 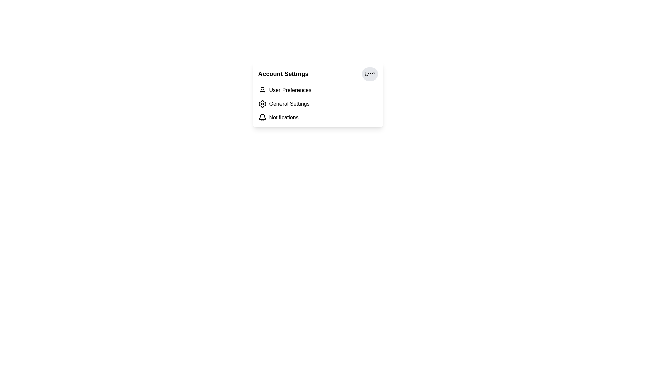 What do you see at coordinates (262, 104) in the screenshot?
I see `the gear icon representing settings, located next to the 'General Settings' text` at bounding box center [262, 104].